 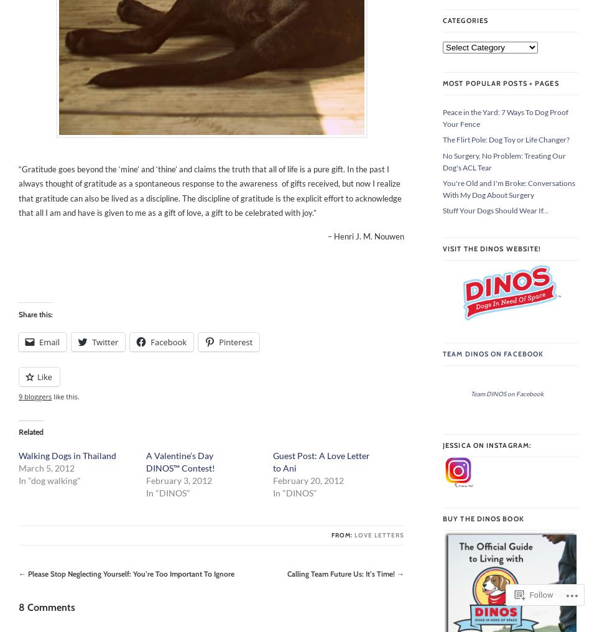 I want to click on 'From:', so click(x=343, y=535).